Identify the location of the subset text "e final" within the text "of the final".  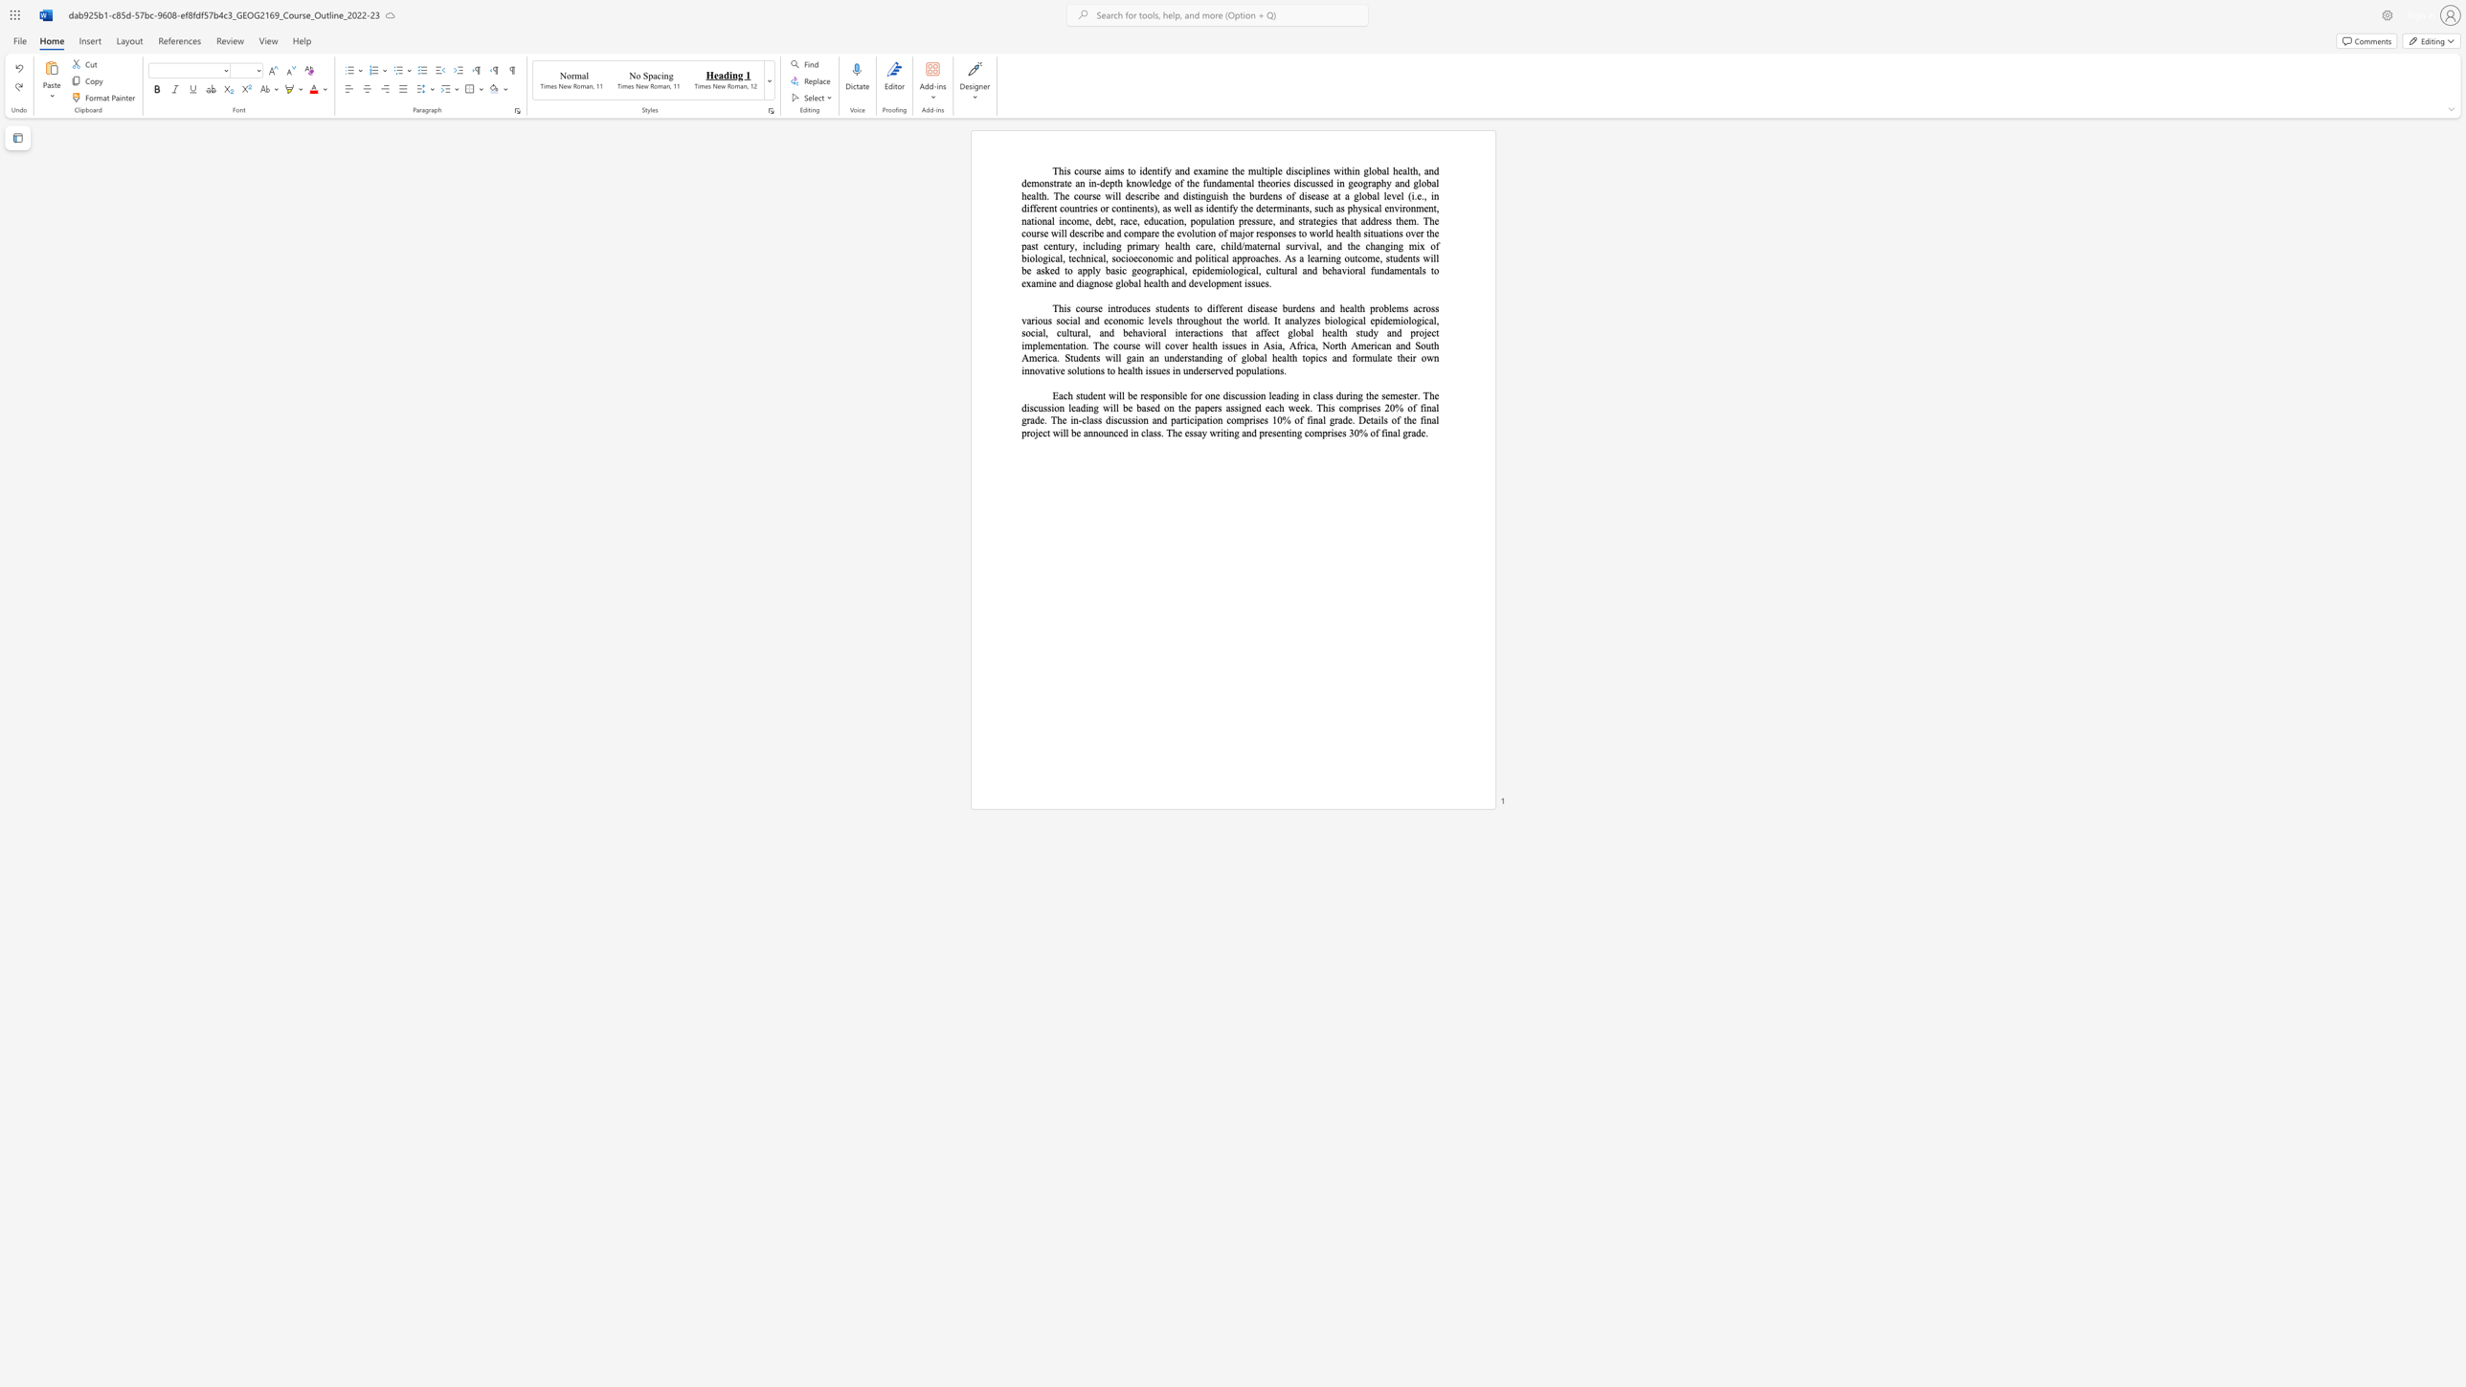
(1410, 420).